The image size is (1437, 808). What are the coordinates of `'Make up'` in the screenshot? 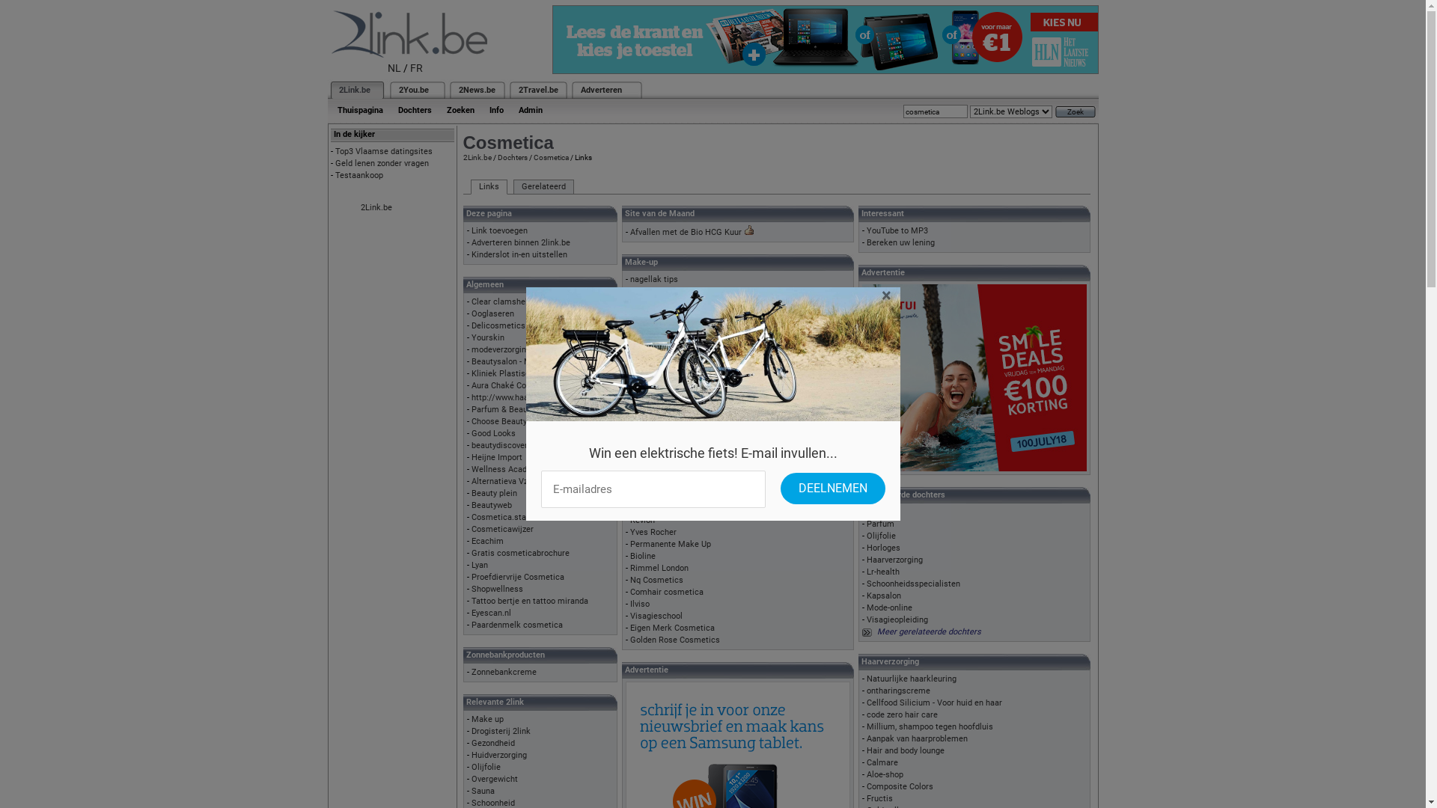 It's located at (487, 718).